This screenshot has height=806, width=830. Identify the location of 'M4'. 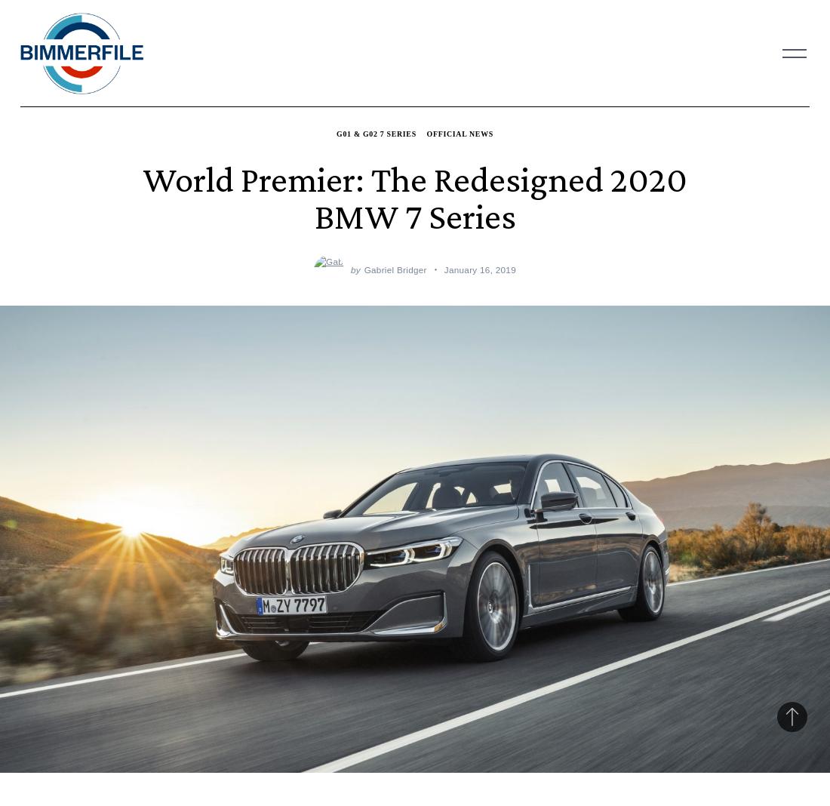
(310, 107).